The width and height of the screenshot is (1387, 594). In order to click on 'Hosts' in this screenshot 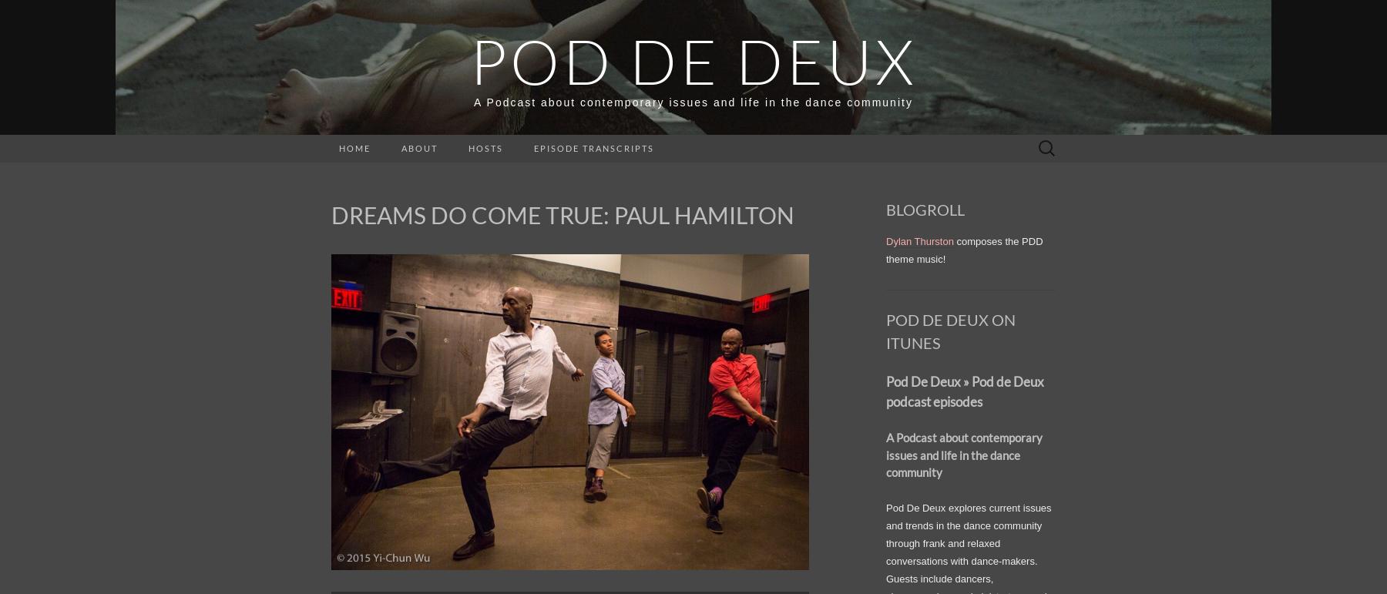, I will do `click(485, 148)`.